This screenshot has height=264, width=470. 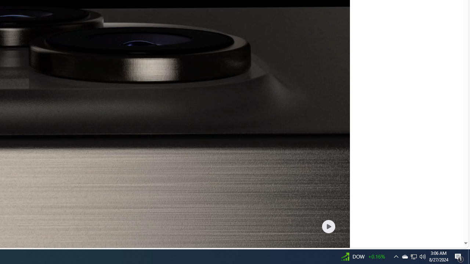 I want to click on 'Play welcome animation video', so click(x=328, y=226).